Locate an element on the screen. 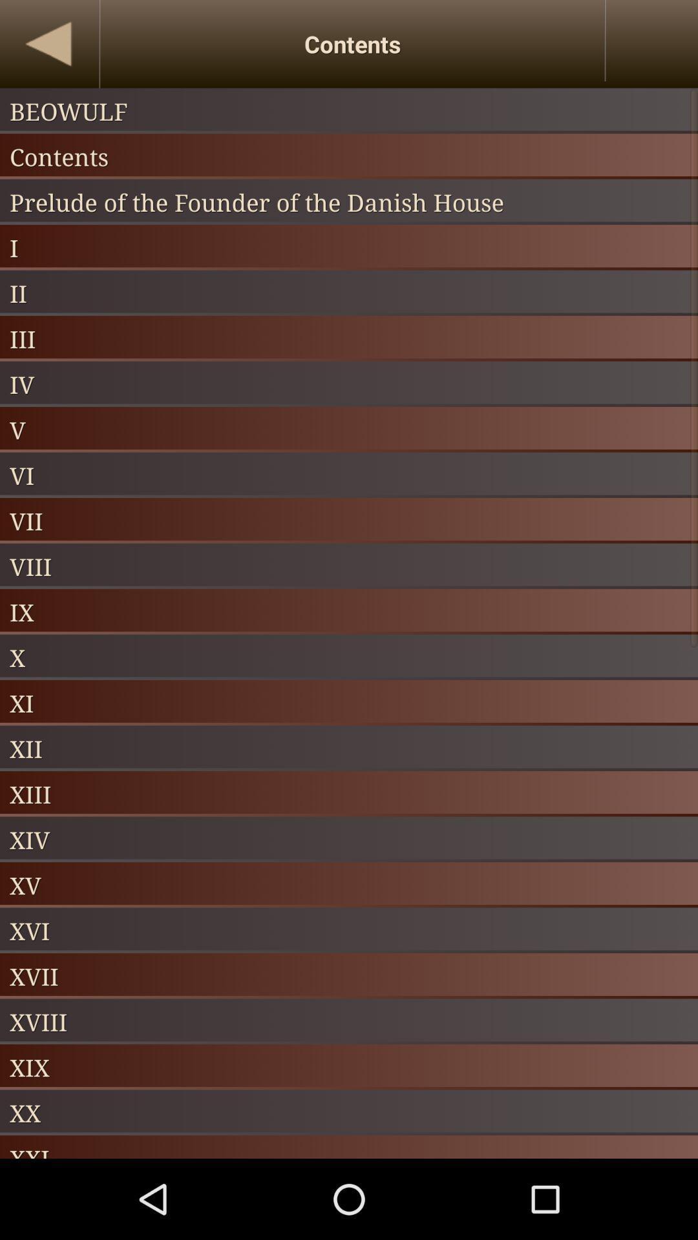 The image size is (698, 1240). the arrow_backward icon is located at coordinates (48, 46).